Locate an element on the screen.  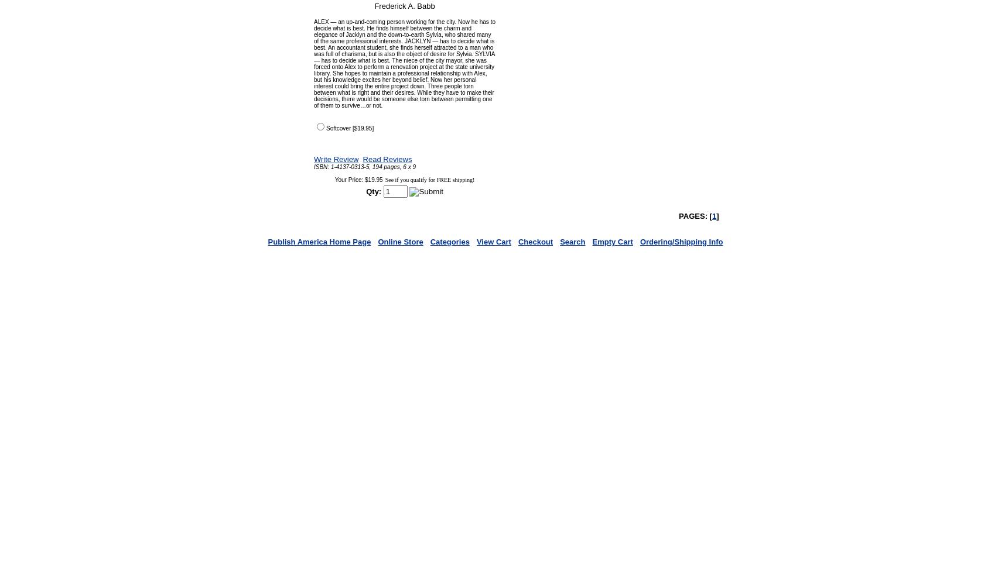
'See if you qualify for FREE shipping!' is located at coordinates (429, 180).